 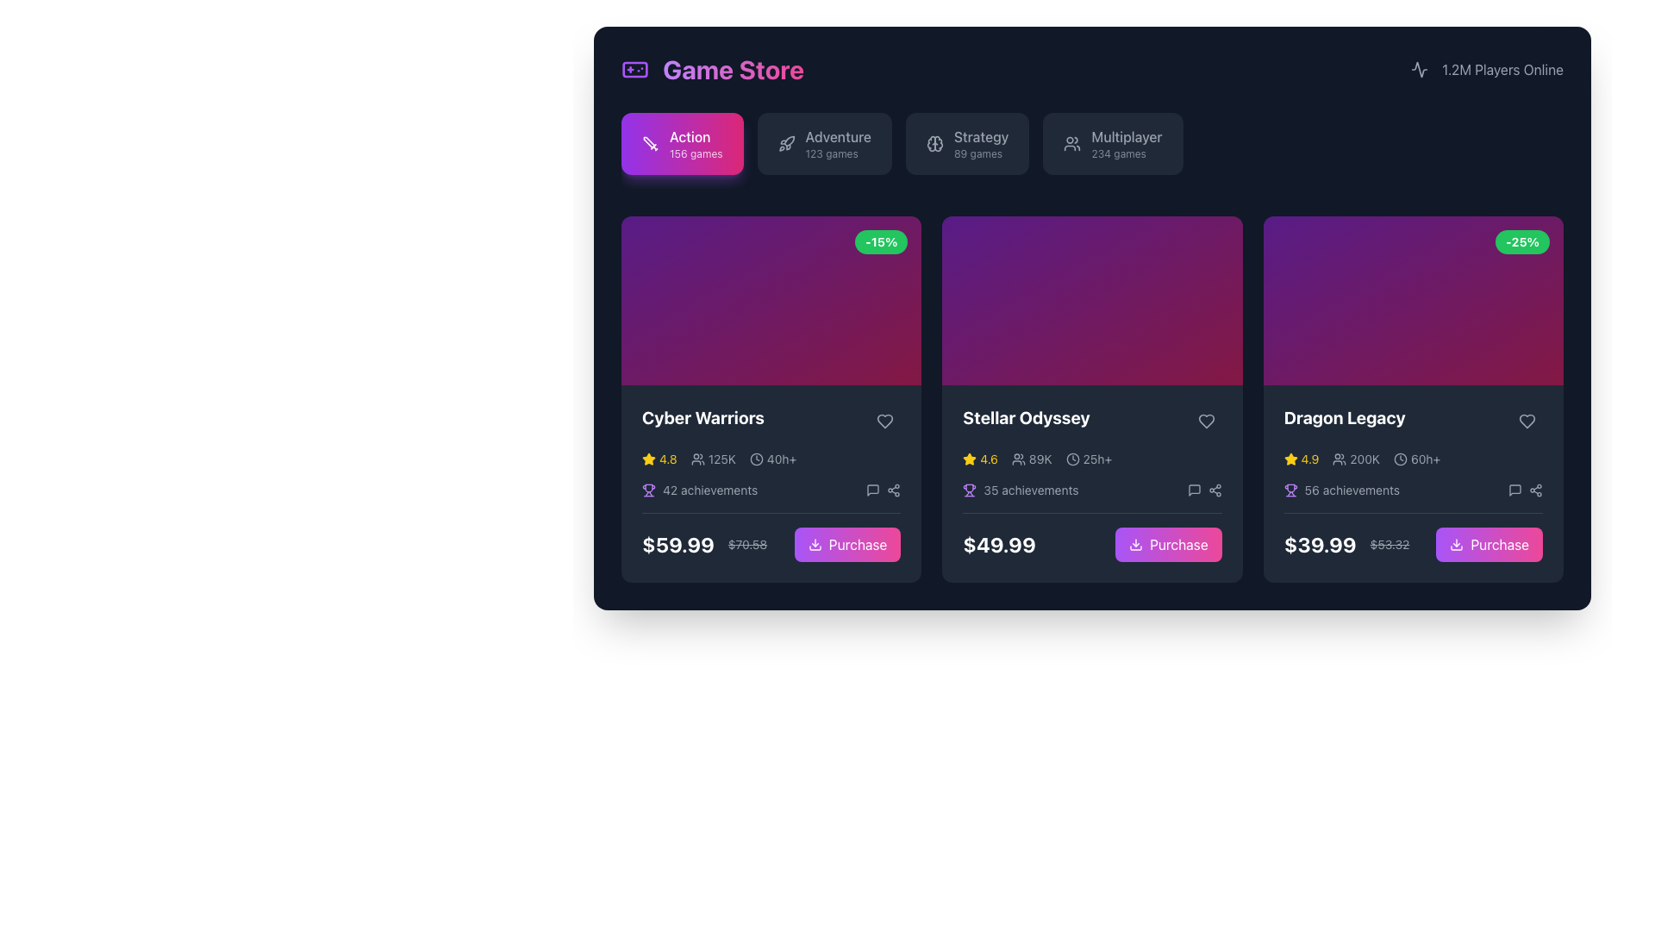 I want to click on information displayed on the text label '156 games', which is located below the 'Action' button in the UI, so click(x=696, y=153).